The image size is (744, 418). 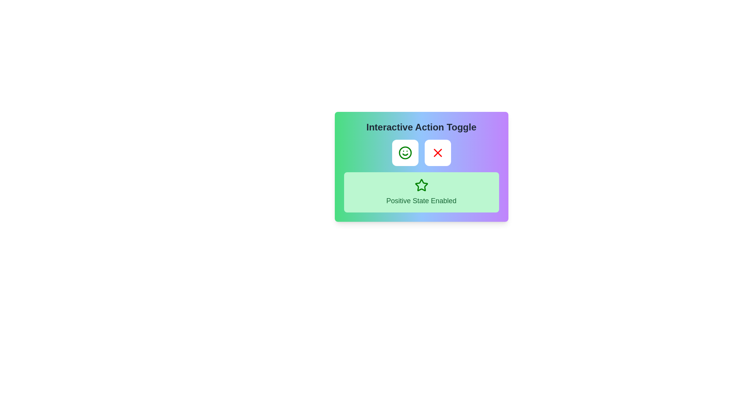 I want to click on the textual heading 'Interactive Action Toggle', which is styled in bold, large dark gray font and is centrally aligned above a row of interactive buttons, so click(x=421, y=127).